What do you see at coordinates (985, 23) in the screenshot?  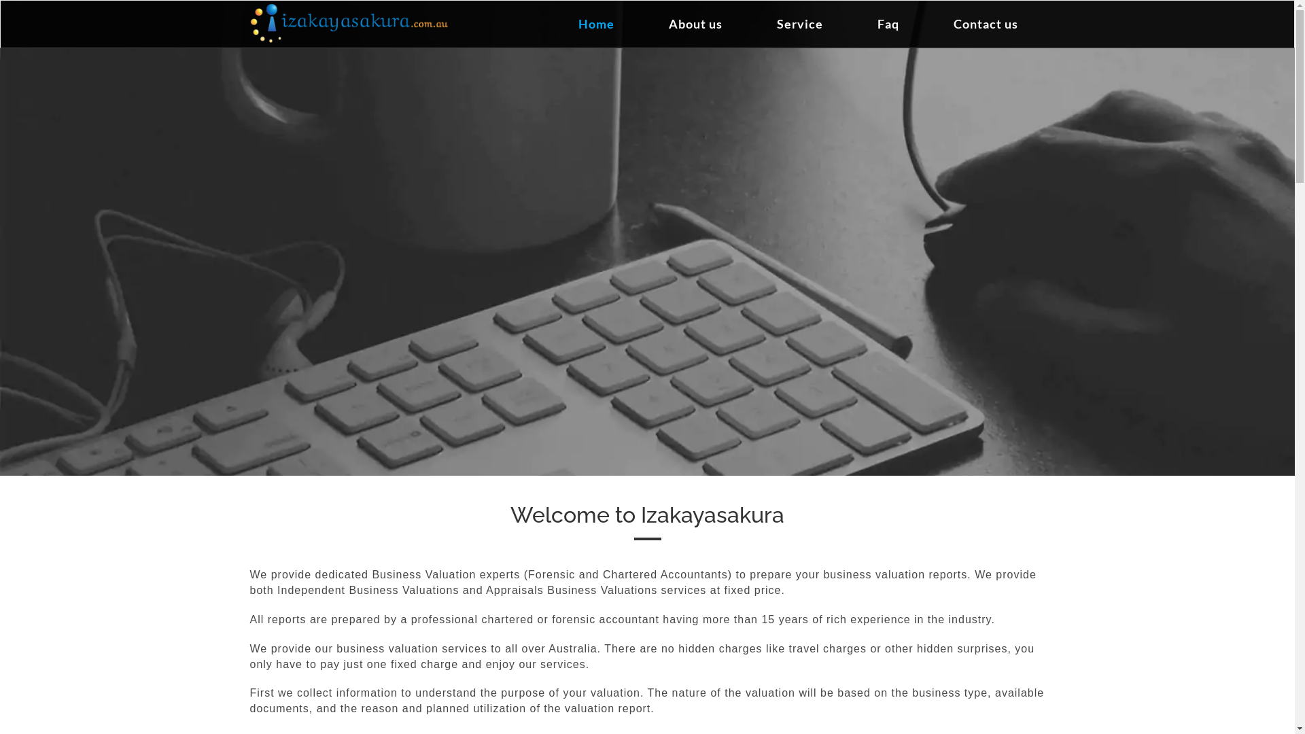 I see `'Contact us'` at bounding box center [985, 23].